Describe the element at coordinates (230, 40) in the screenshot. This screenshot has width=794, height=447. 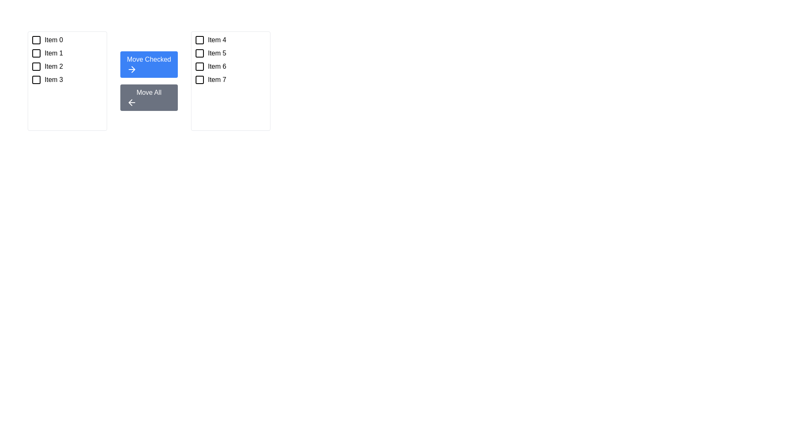
I see `the checkbox next to the first item labeled 'Item 4' in the list` at that location.